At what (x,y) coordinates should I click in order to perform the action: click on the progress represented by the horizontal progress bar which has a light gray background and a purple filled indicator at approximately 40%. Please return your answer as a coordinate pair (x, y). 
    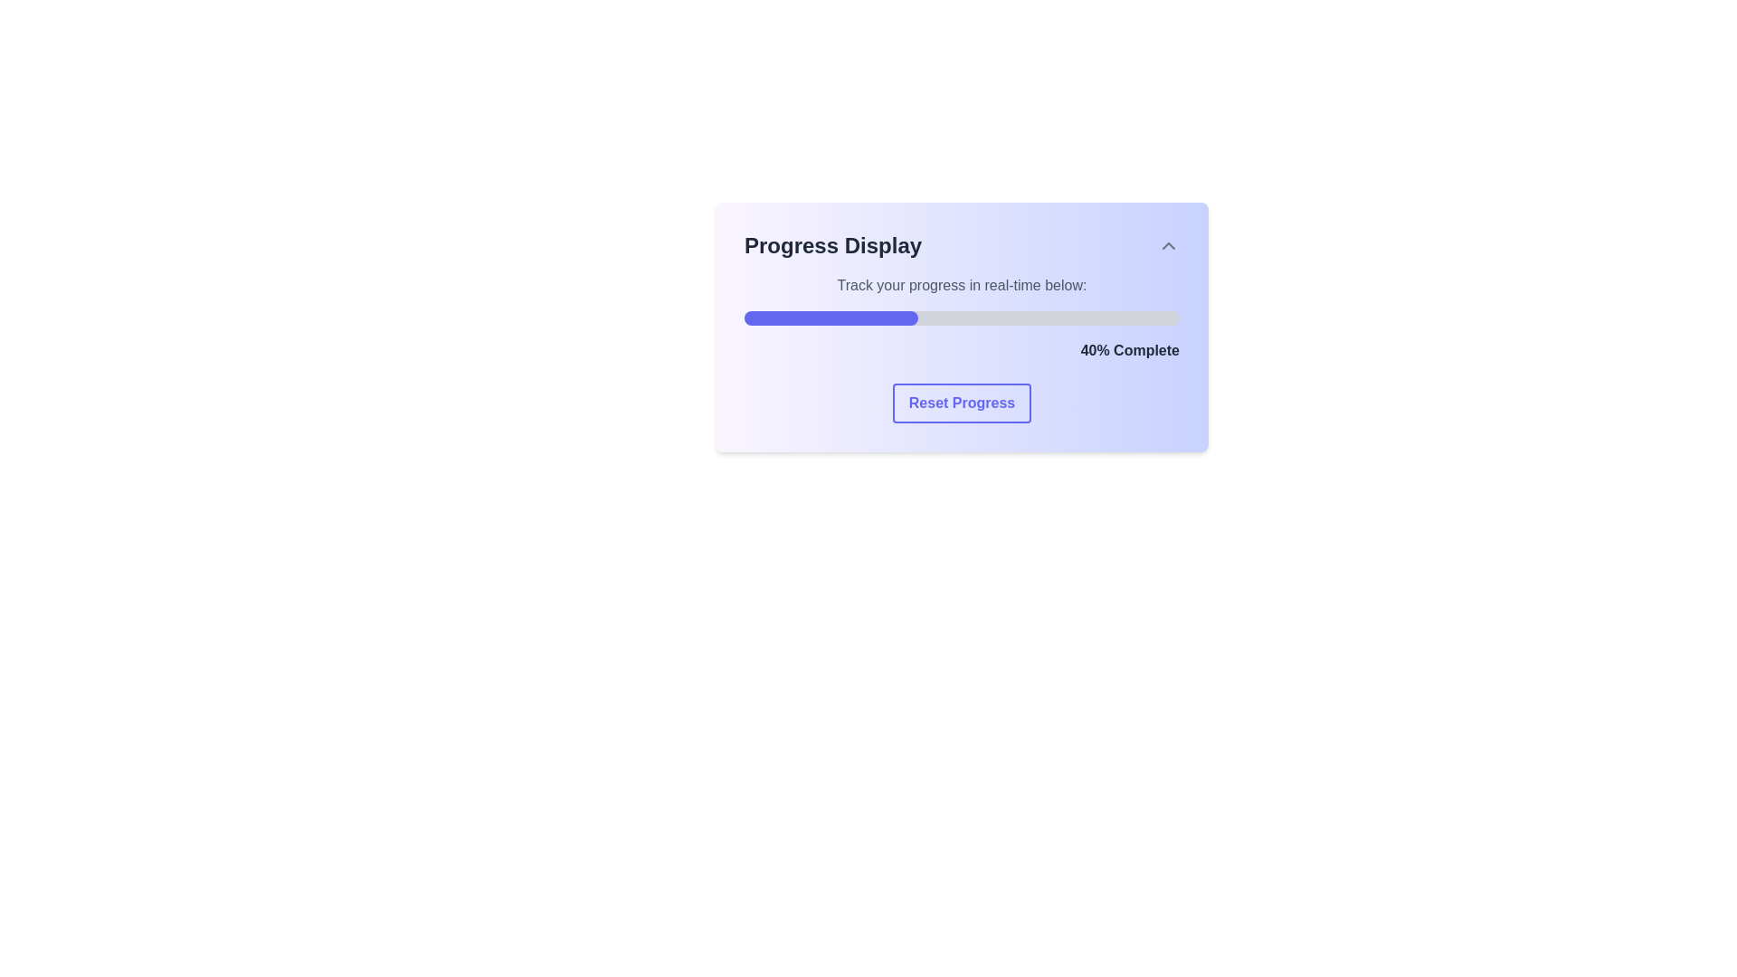
    Looking at the image, I should click on (961, 317).